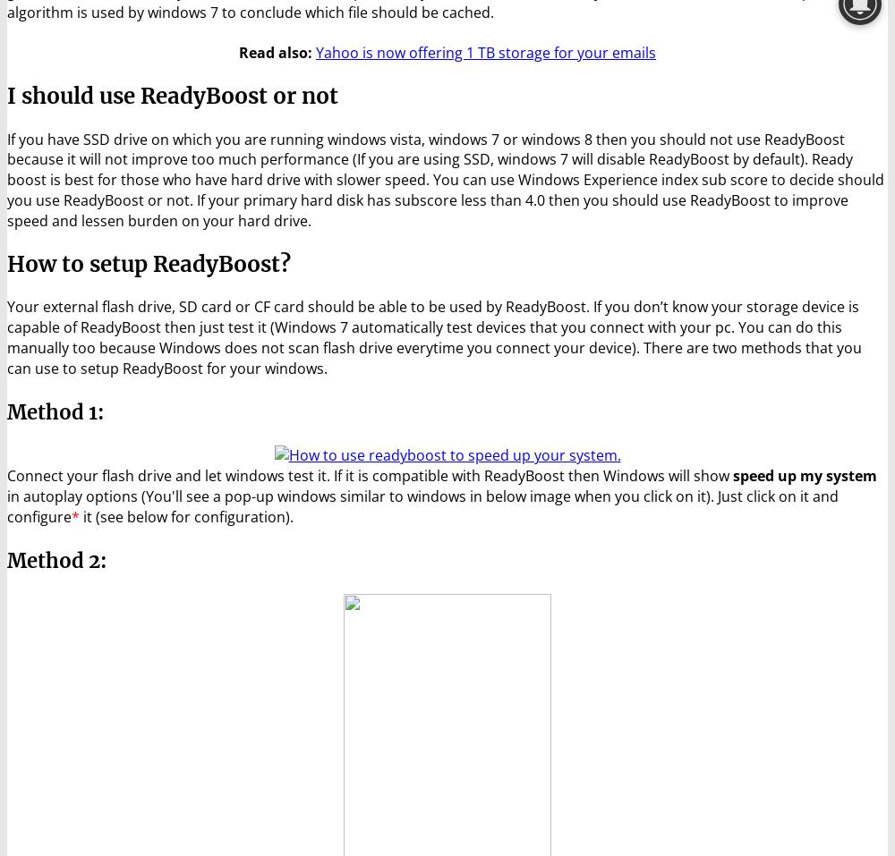  I want to click on 'it (see below for configuration).', so click(185, 514).